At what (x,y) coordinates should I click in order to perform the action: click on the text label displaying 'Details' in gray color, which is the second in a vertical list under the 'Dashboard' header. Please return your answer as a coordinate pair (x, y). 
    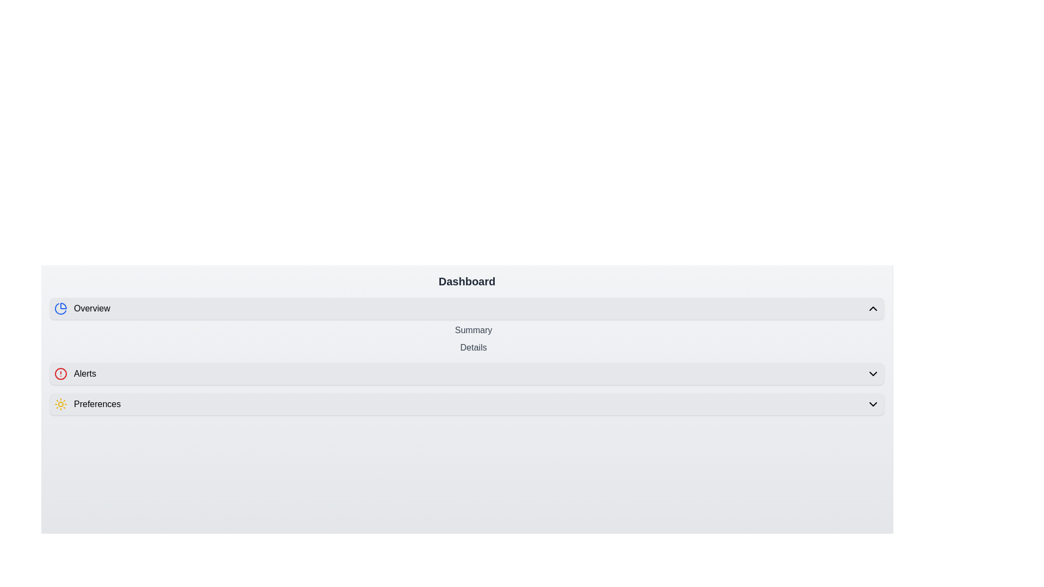
    Looking at the image, I should click on (473, 348).